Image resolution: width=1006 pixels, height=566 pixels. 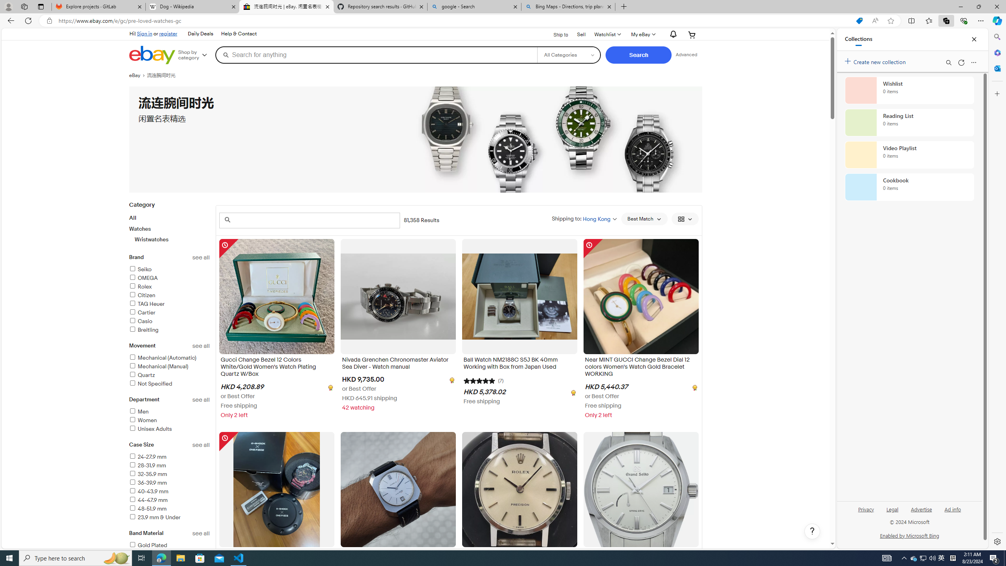 I want to click on 'Watchlist', so click(x=607, y=34).